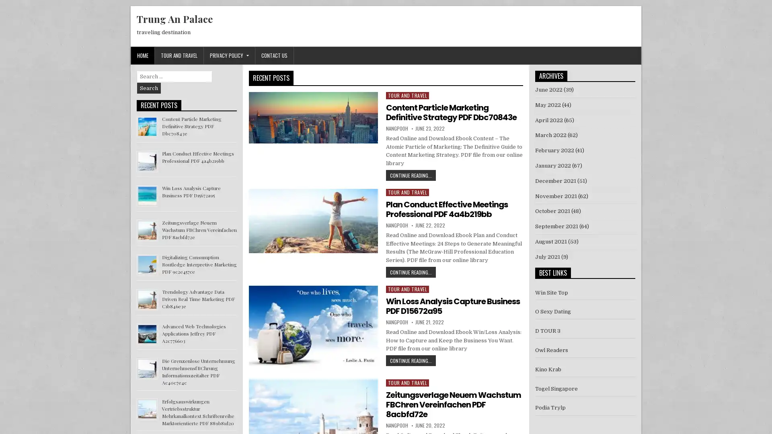  Describe the element at coordinates (149, 88) in the screenshot. I see `Search` at that location.